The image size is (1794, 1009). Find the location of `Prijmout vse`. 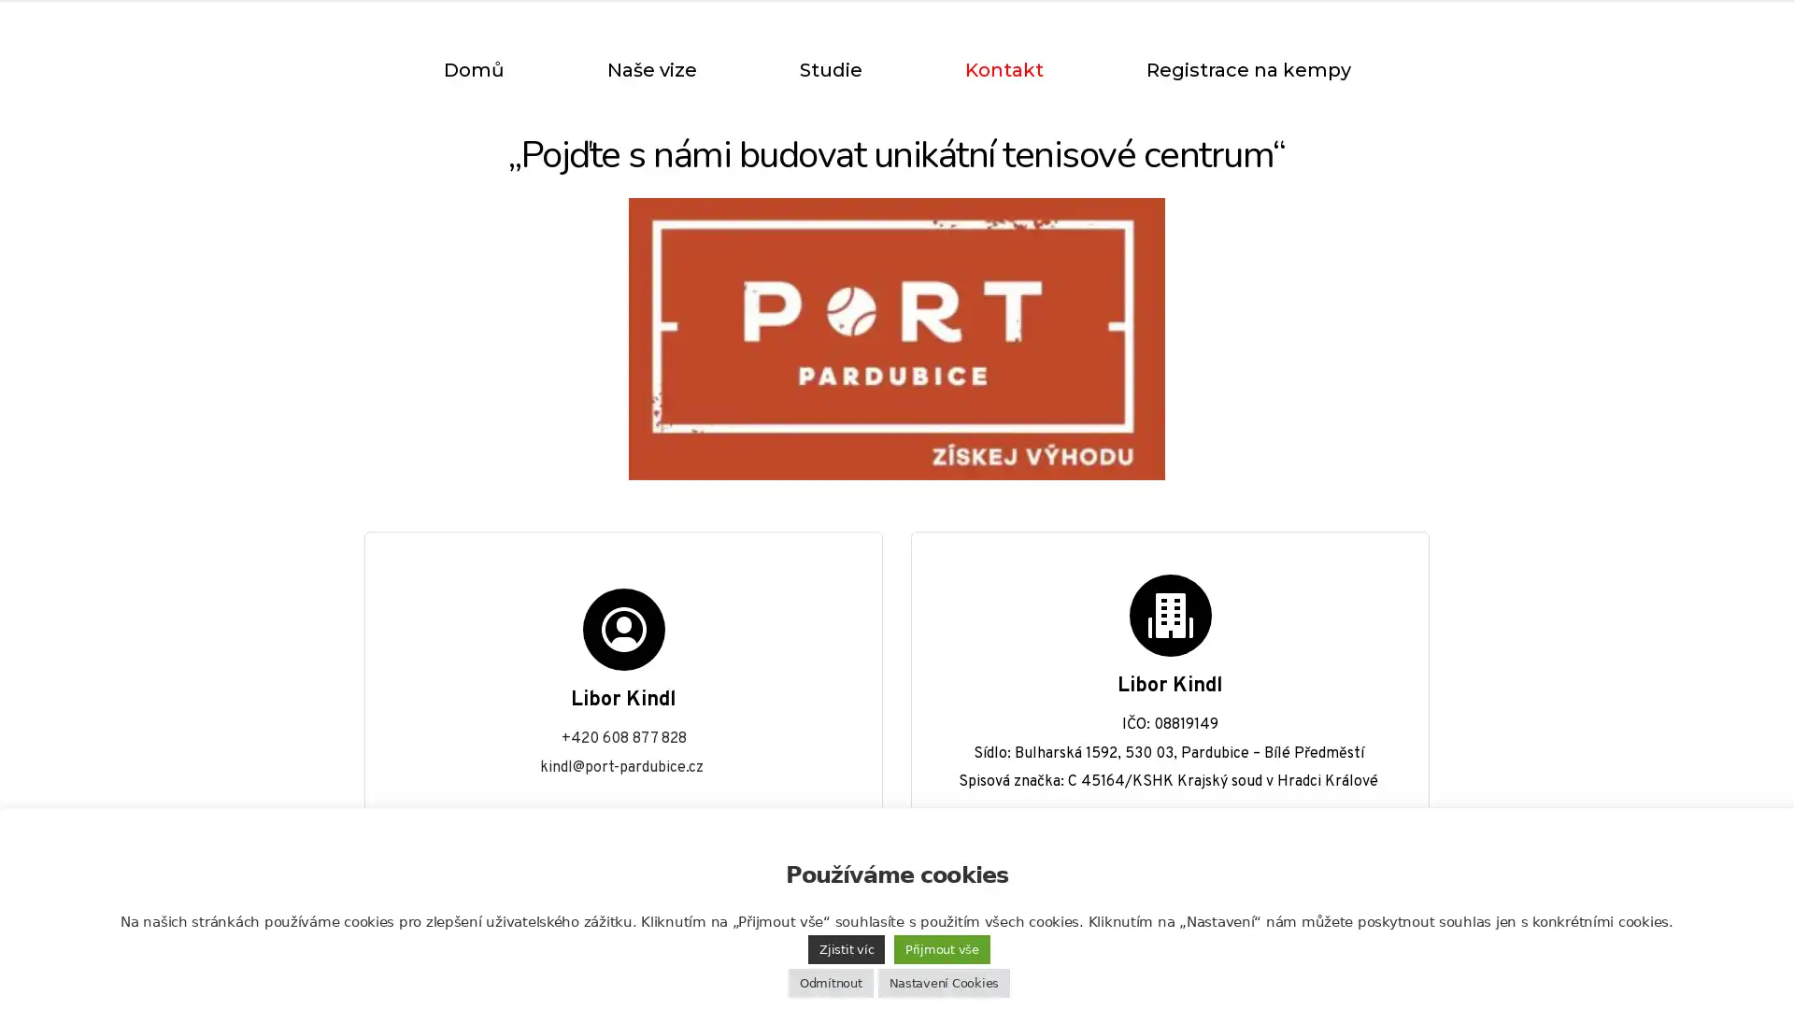

Prijmout vse is located at coordinates (942, 949).